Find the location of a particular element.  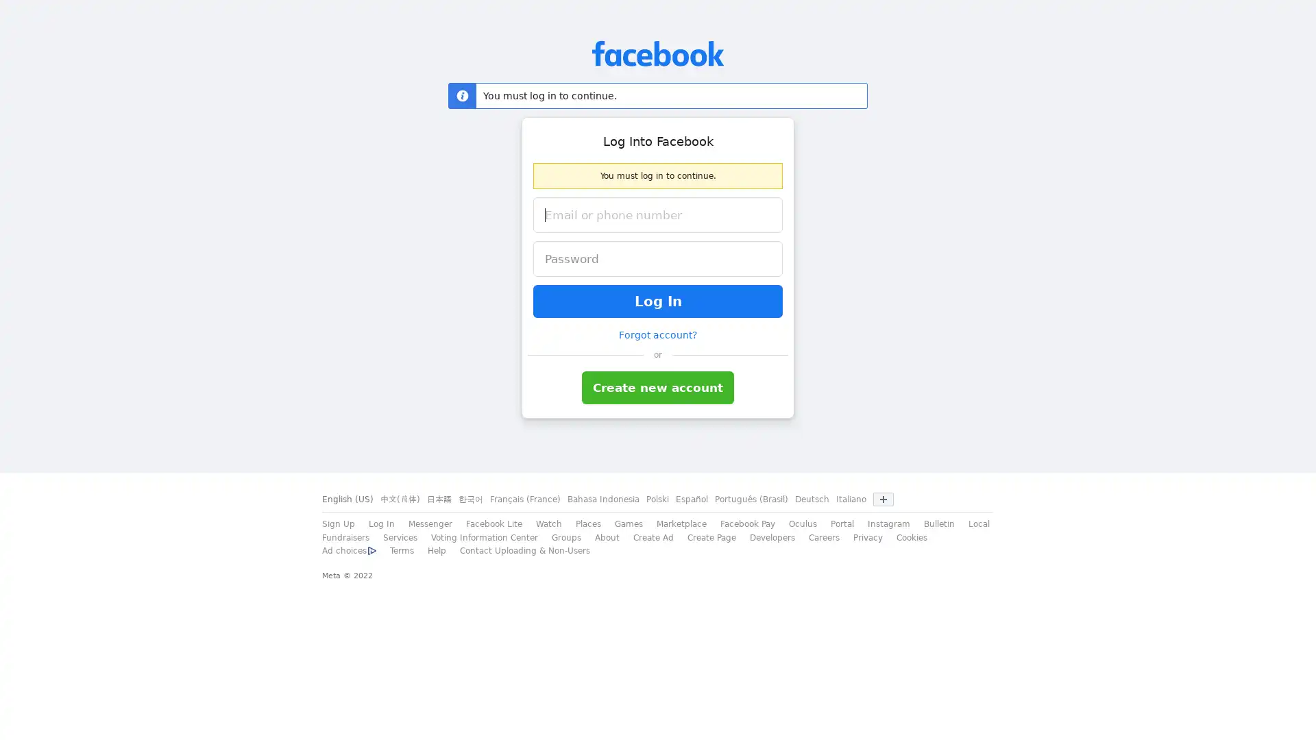

Log In is located at coordinates (658, 300).